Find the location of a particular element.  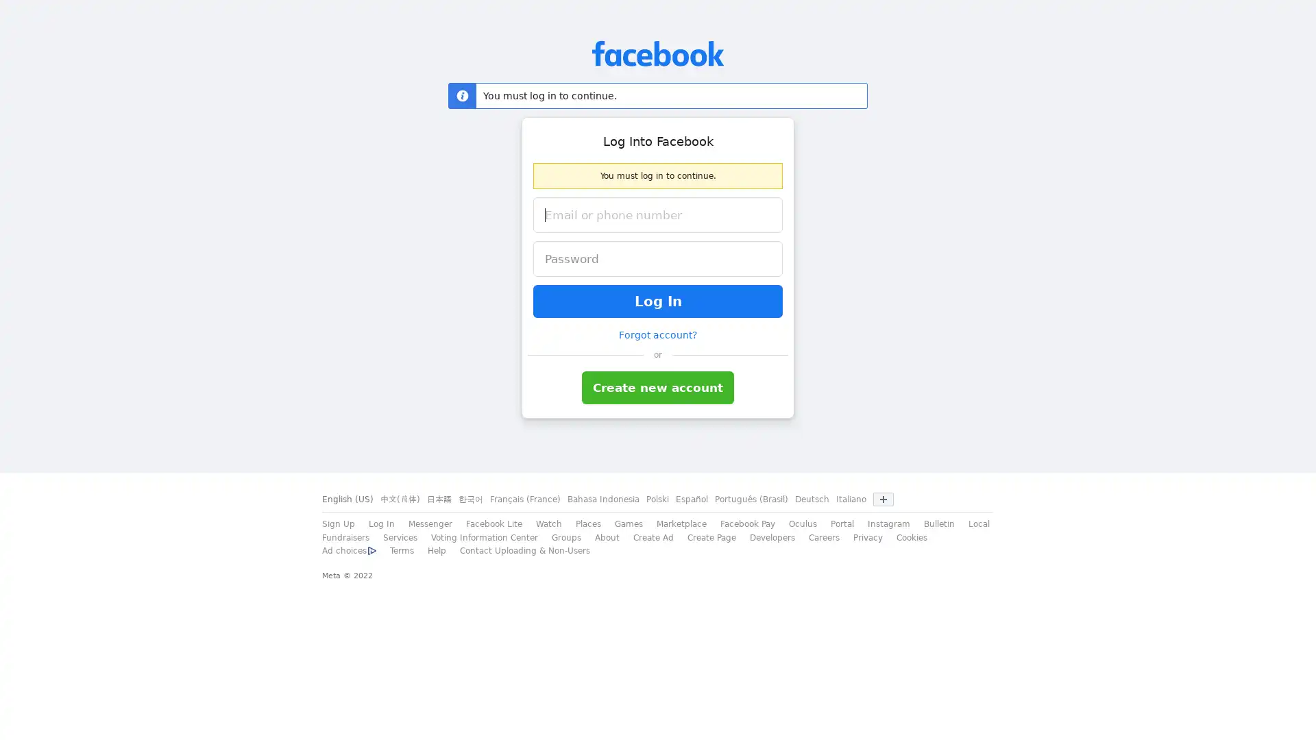

Log In is located at coordinates (658, 300).